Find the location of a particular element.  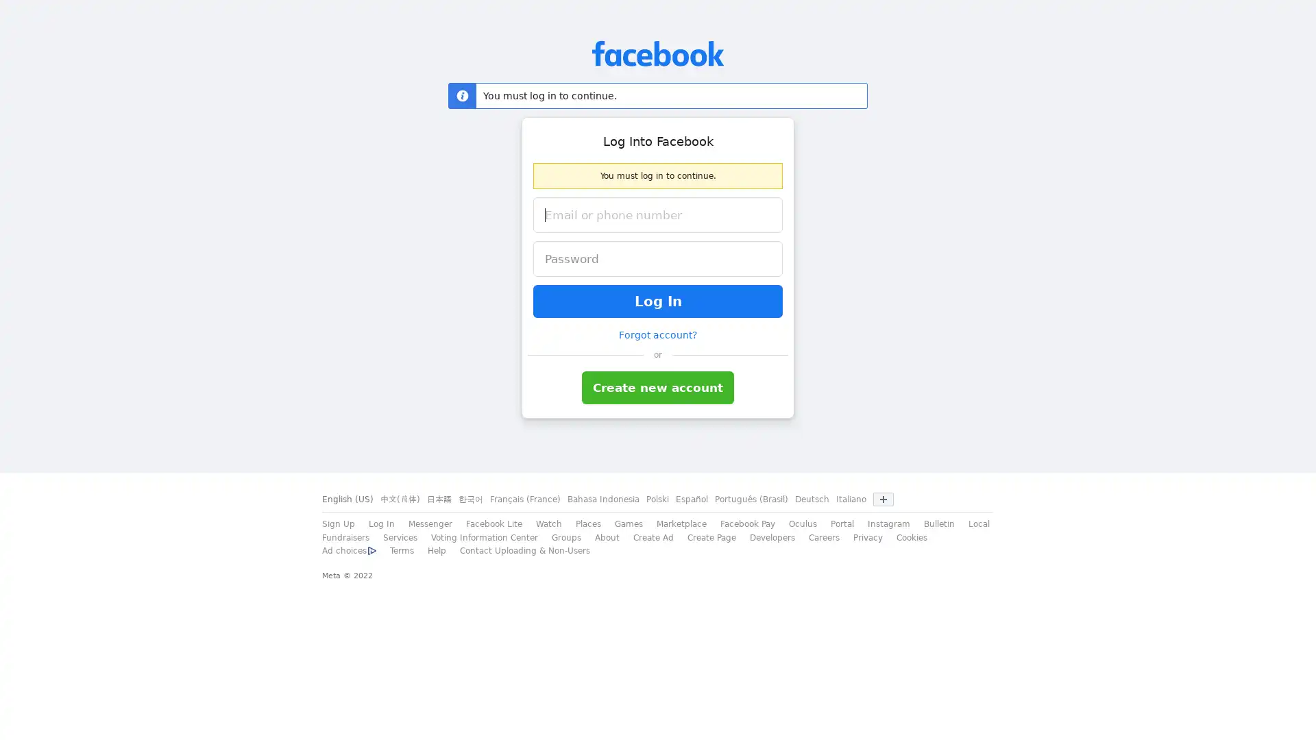

Log In is located at coordinates (658, 300).